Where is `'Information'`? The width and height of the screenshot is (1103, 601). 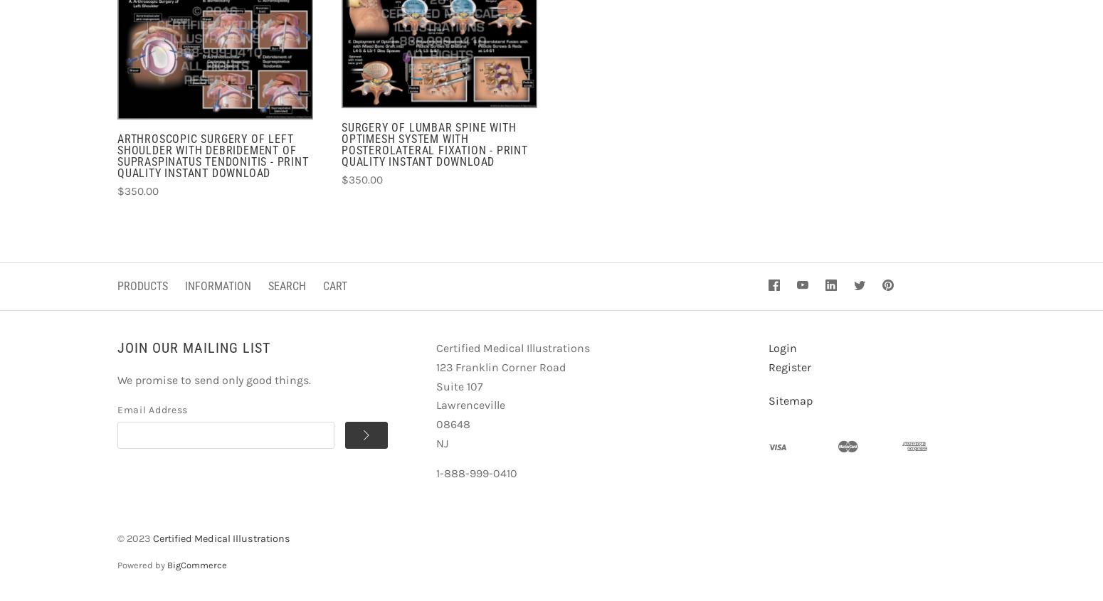 'Information' is located at coordinates (184, 284).